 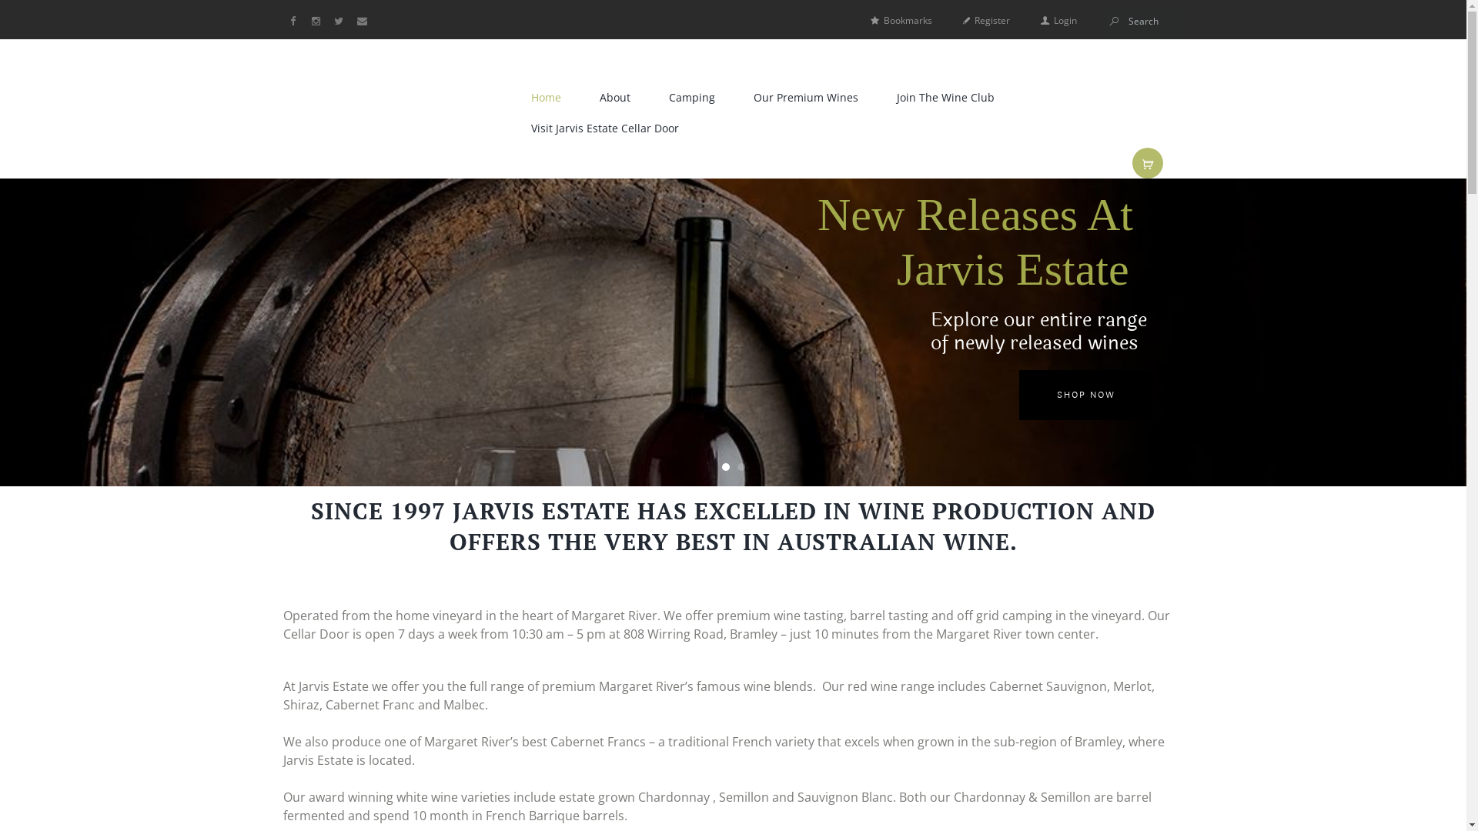 I want to click on 'Join The Wine Club', so click(x=944, y=96).